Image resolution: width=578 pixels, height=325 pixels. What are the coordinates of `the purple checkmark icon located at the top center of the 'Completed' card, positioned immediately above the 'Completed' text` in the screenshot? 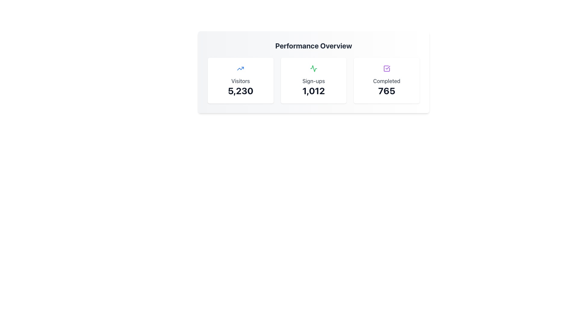 It's located at (387, 68).